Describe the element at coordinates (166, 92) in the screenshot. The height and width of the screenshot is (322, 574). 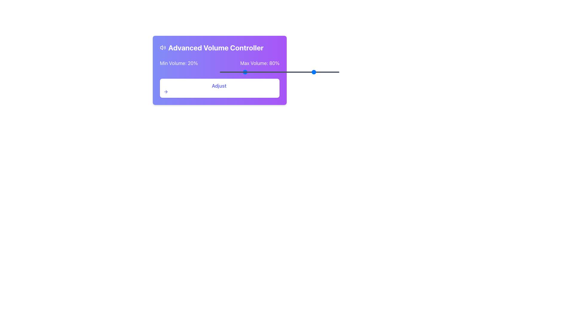
I see `the small right-pointing arrow icon located within the 'Adjust' button area, positioned towards the left end of the button's inner content` at that location.